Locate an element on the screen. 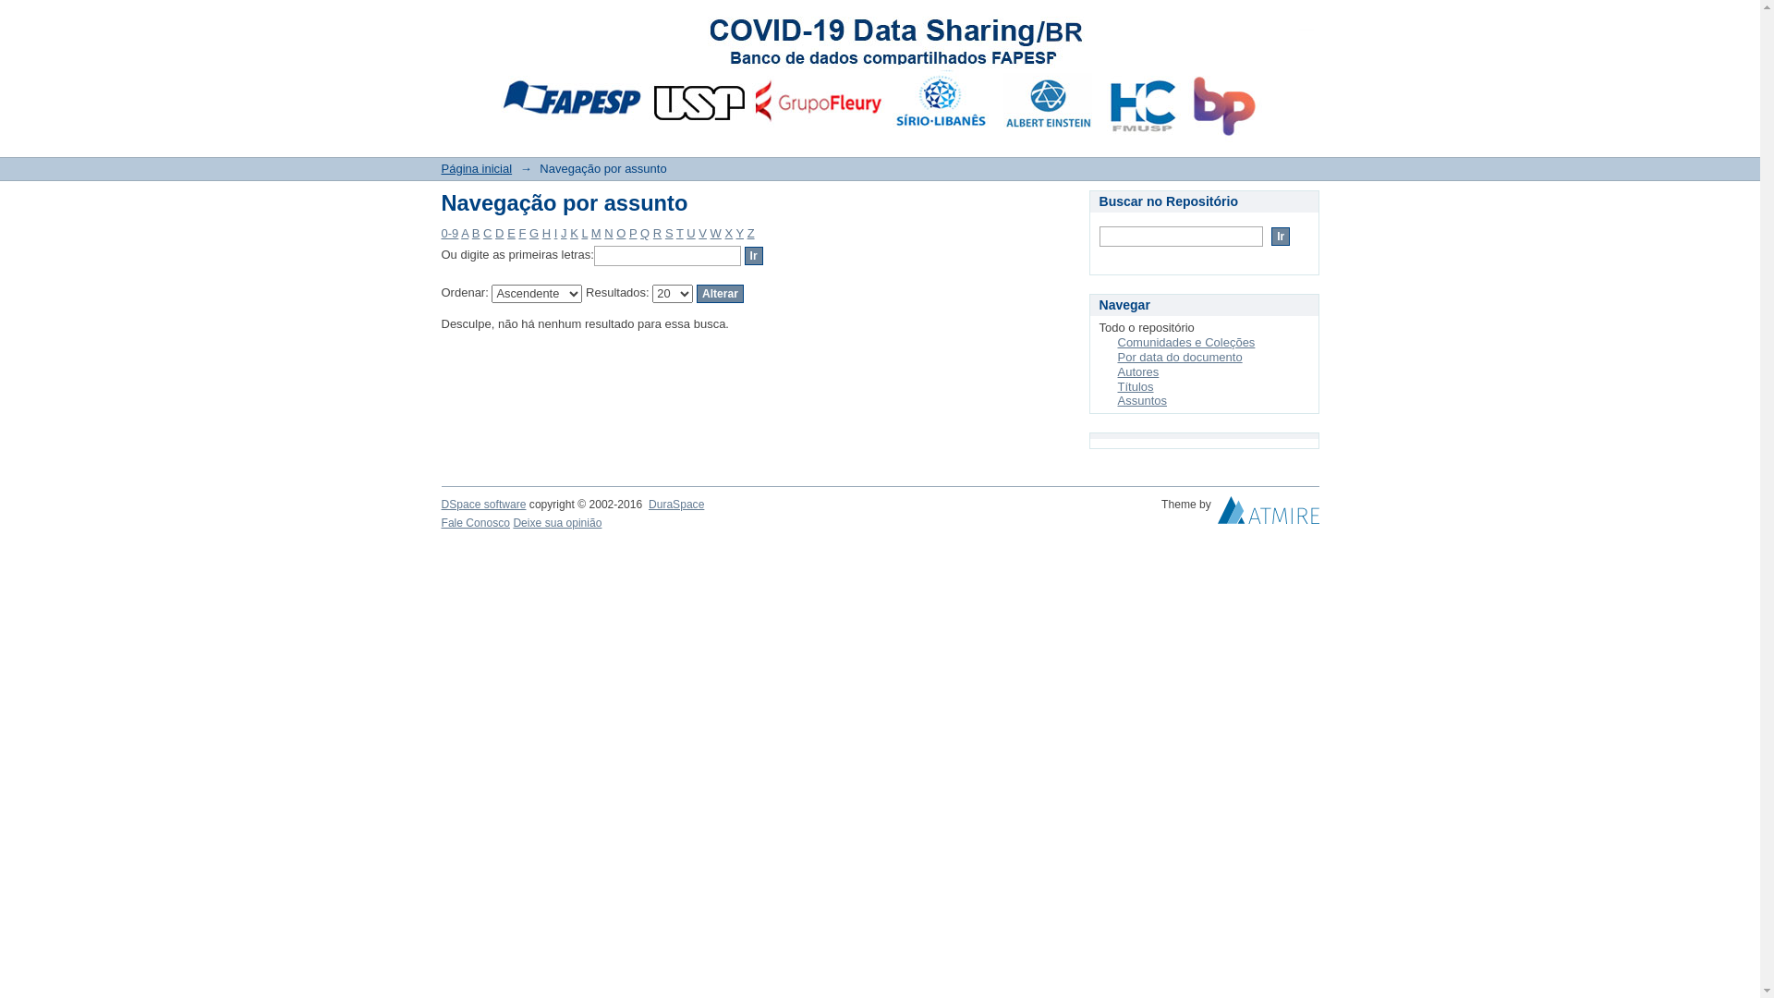  'V' is located at coordinates (701, 232).